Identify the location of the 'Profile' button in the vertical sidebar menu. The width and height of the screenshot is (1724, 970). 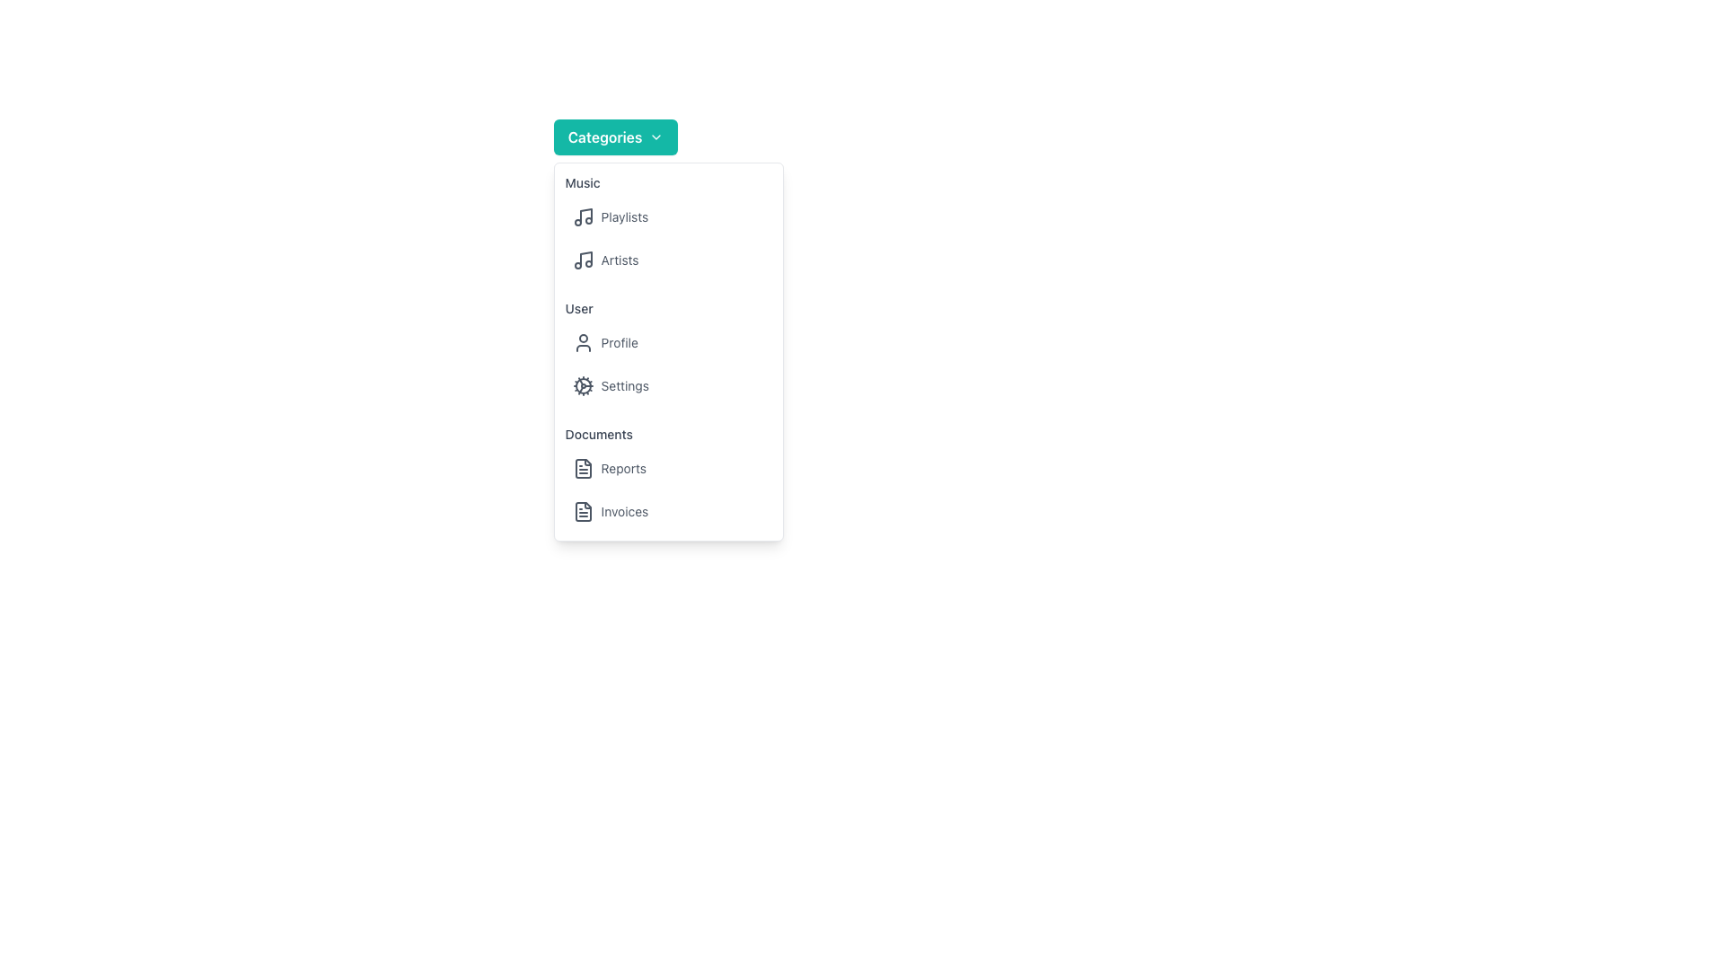
(667, 342).